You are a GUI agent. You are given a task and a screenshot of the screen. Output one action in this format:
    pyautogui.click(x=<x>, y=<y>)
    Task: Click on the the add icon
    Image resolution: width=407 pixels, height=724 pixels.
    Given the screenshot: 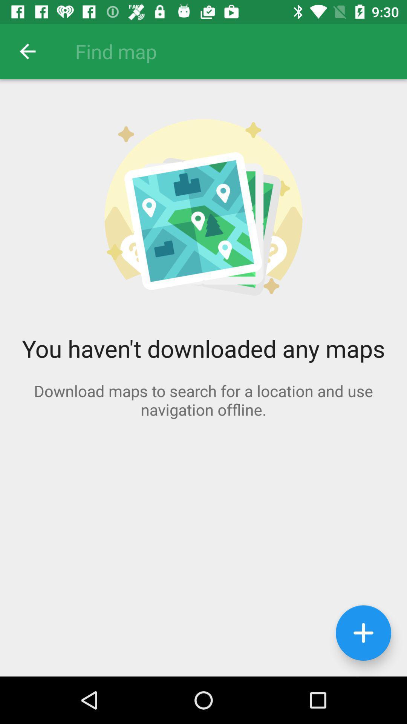 What is the action you would take?
    pyautogui.click(x=363, y=633)
    